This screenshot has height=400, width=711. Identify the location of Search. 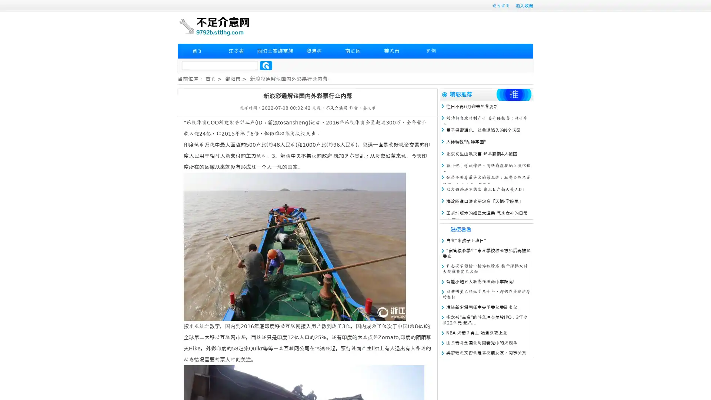
(266, 65).